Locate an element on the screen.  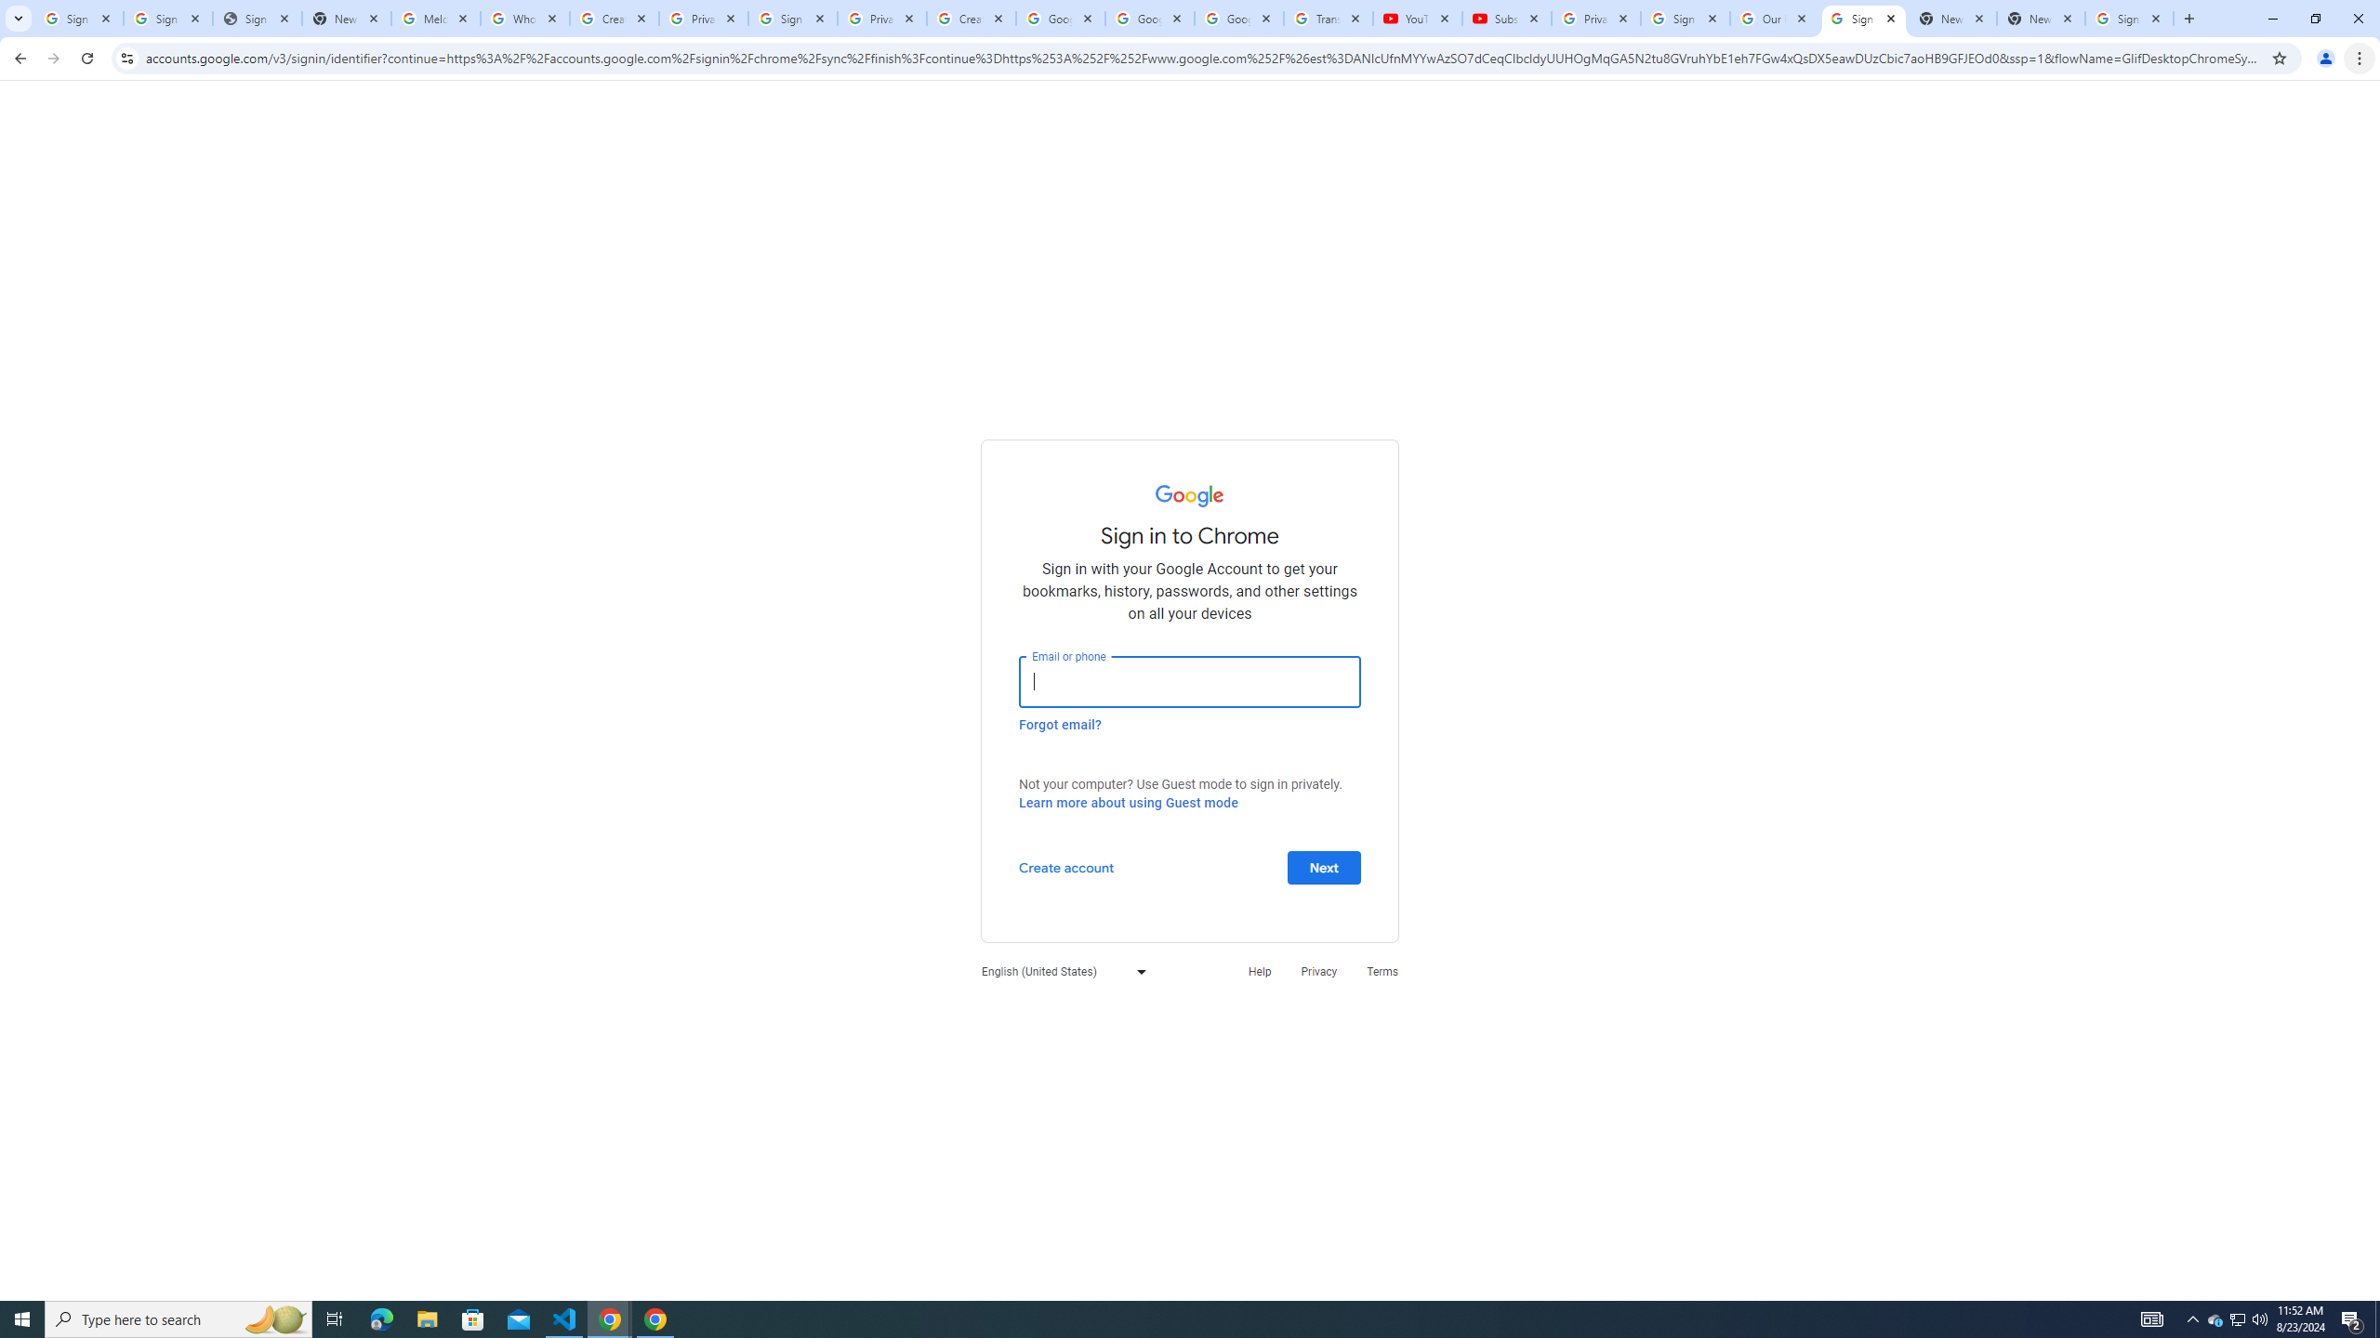
'YouTube' is located at coordinates (1417, 18).